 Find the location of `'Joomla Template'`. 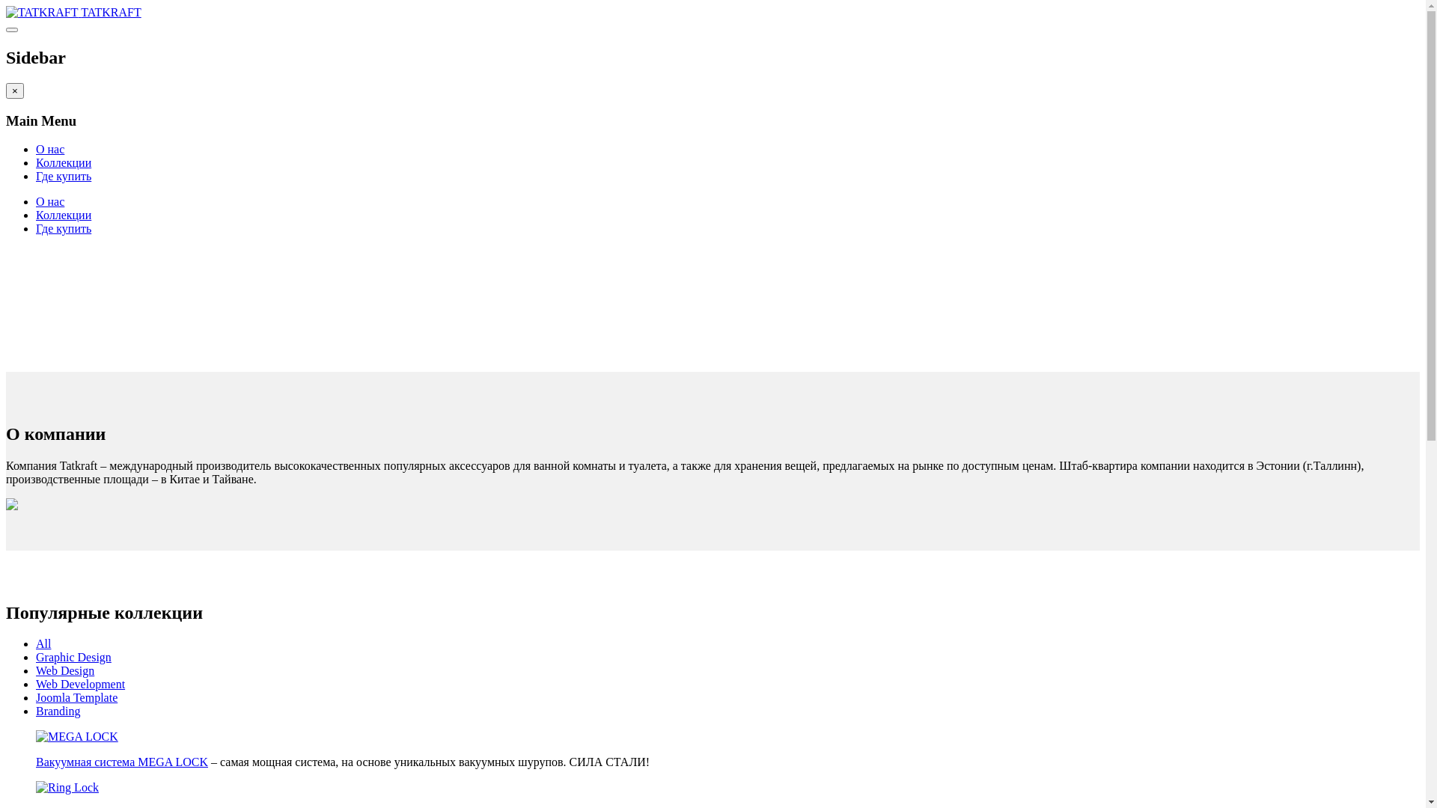

'Joomla Template' is located at coordinates (76, 697).